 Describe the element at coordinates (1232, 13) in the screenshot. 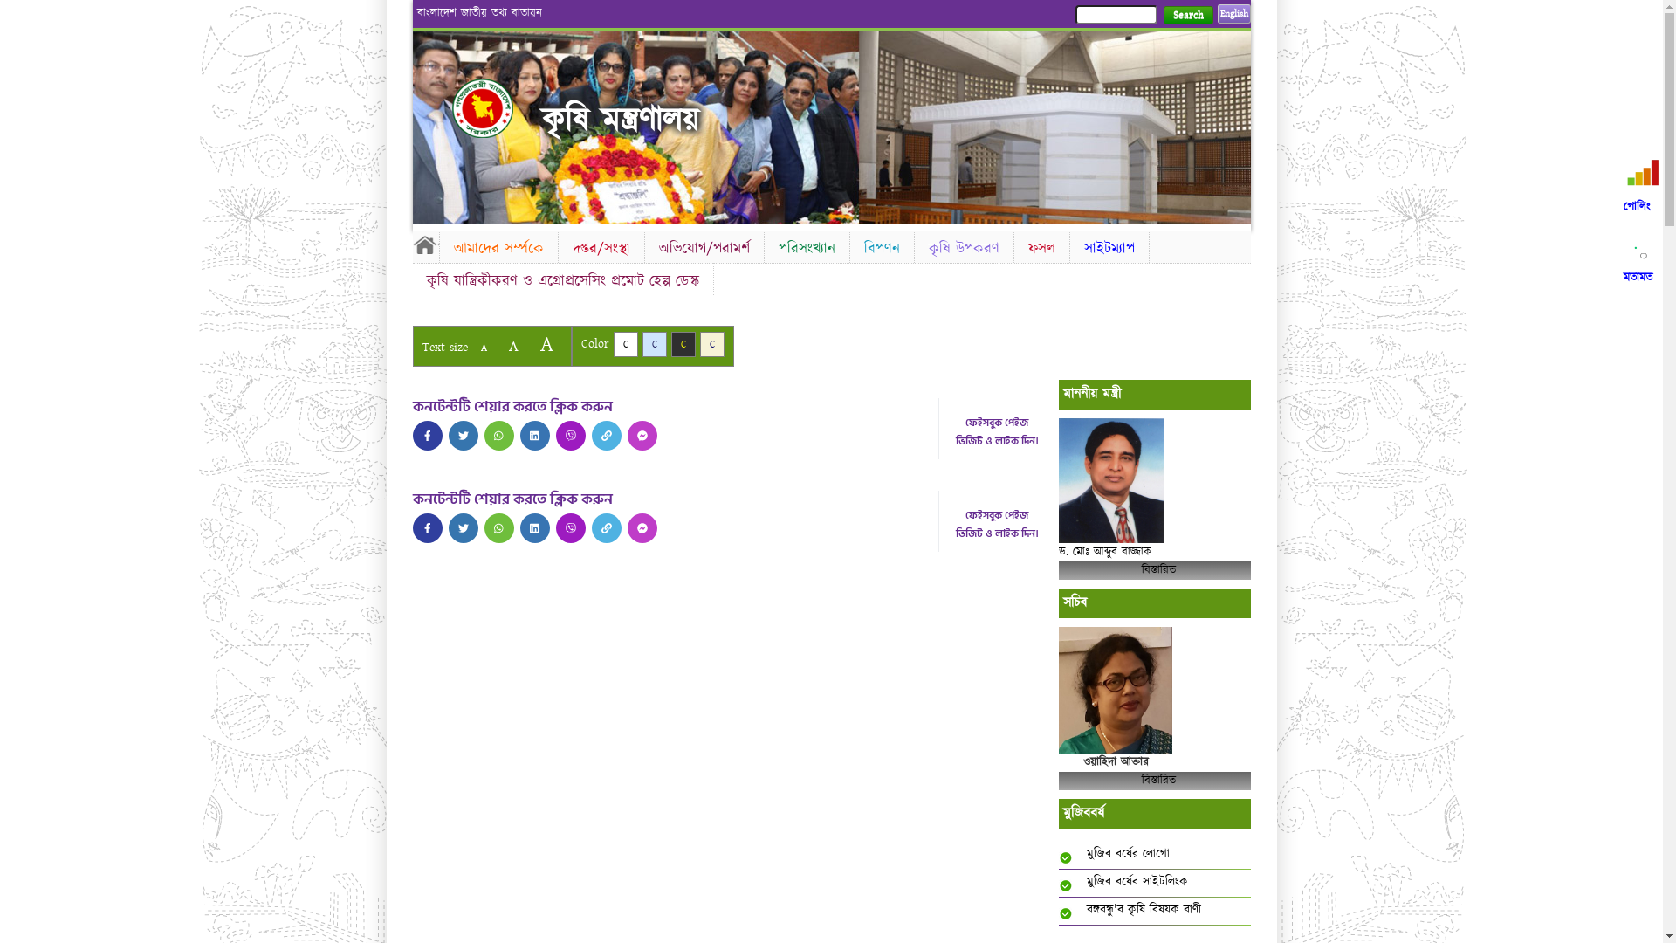

I see `'English'` at that location.